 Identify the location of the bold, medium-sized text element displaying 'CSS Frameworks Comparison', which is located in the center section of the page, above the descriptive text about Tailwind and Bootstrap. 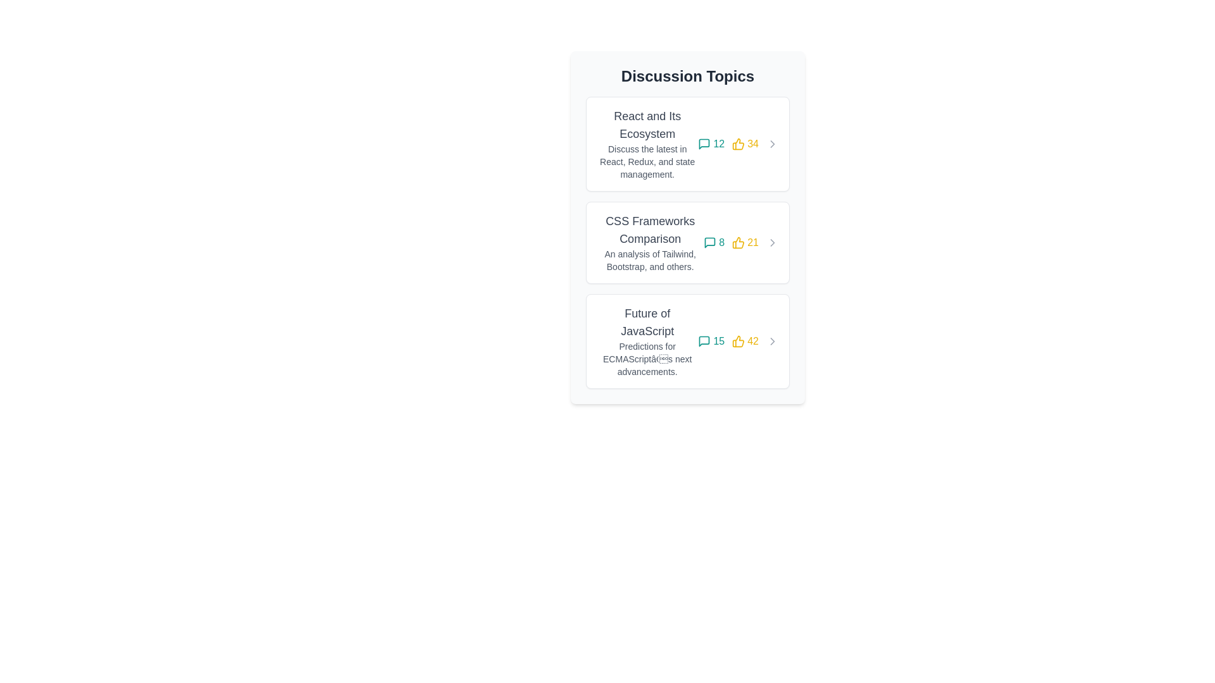
(650, 230).